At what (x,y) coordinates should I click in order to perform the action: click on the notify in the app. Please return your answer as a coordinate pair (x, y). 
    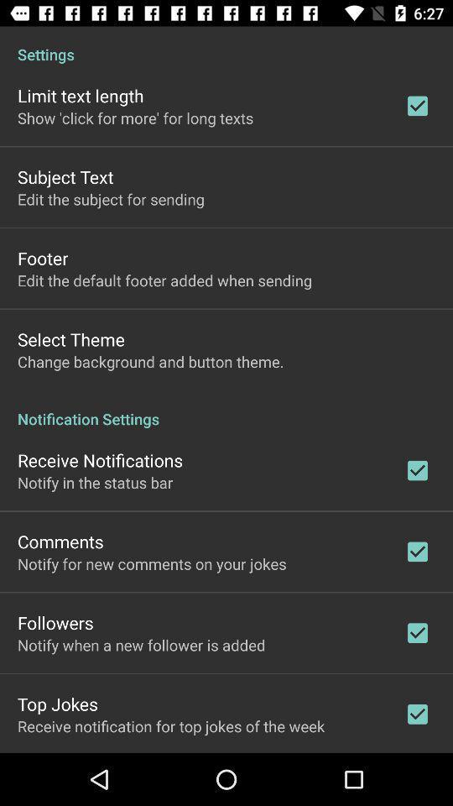
    Looking at the image, I should click on (95, 482).